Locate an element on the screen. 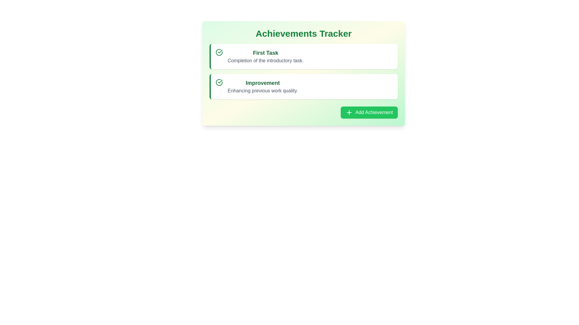 The image size is (579, 325). the static text displaying the title of a task or achievement in the achievements tracker, which is positioned above the description text 'Completion of the introductory task.' is located at coordinates (265, 53).